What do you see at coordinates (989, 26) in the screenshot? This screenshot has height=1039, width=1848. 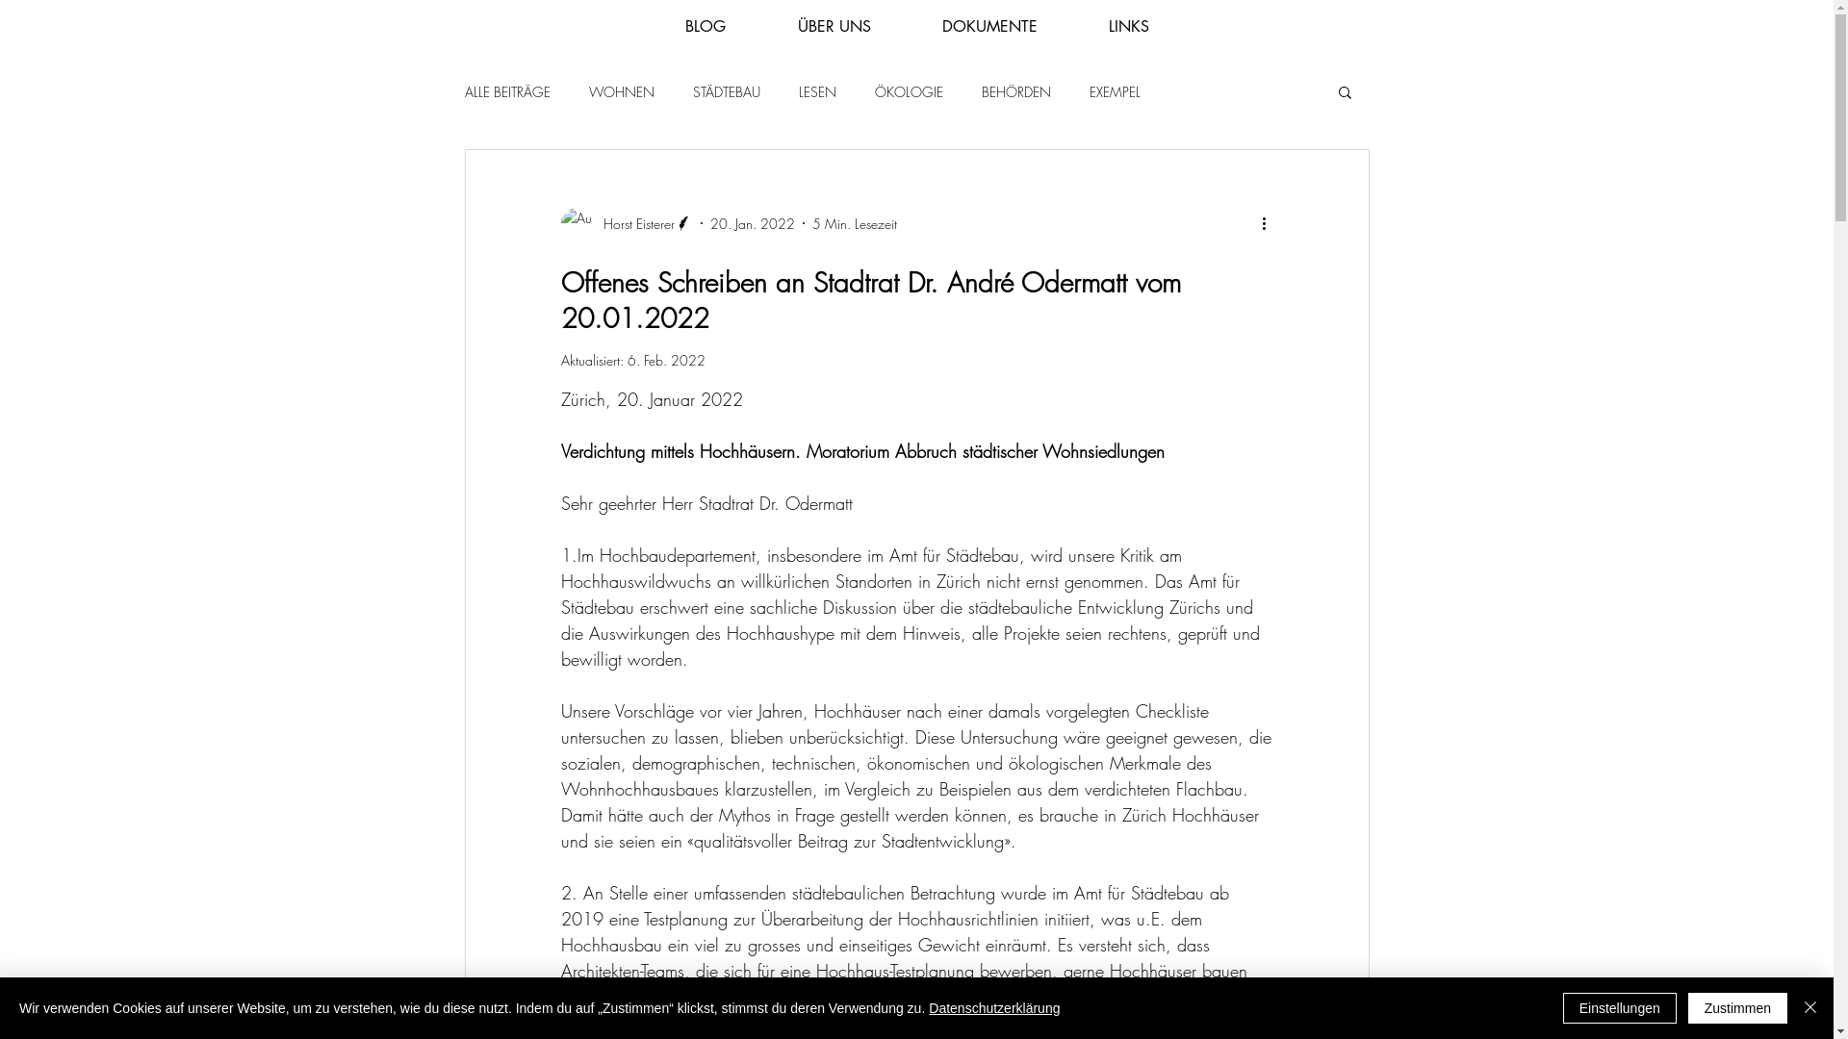 I see `'DOKUMENTE'` at bounding box center [989, 26].